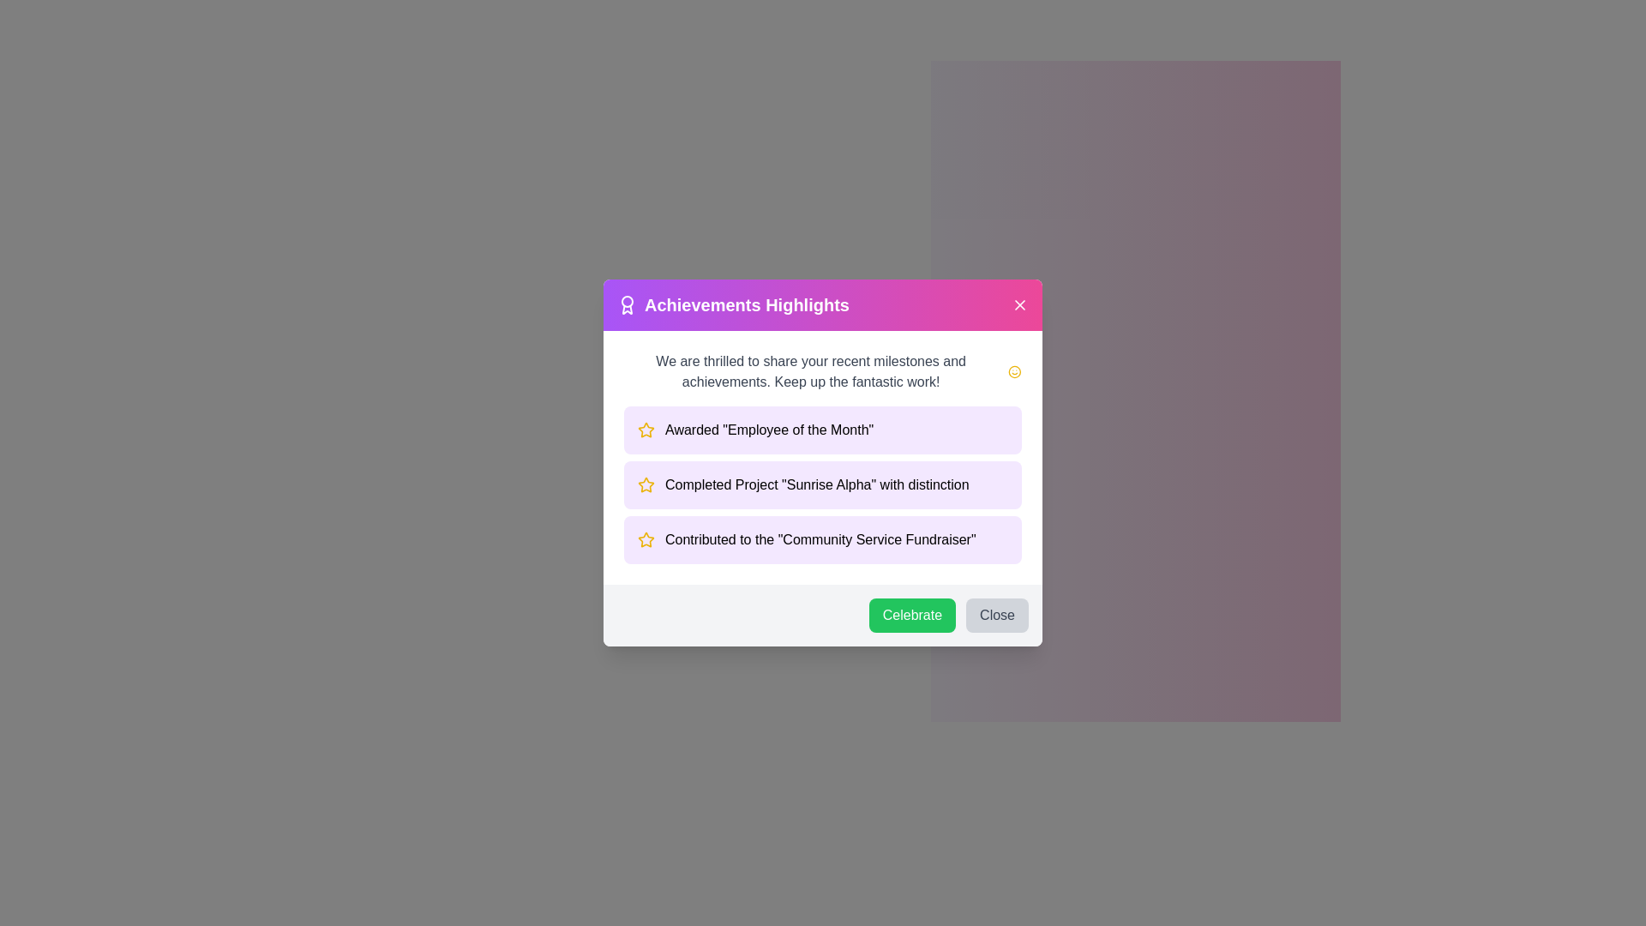  What do you see at coordinates (733, 304) in the screenshot?
I see `the title text block with a decorative icon that informs users about the purpose of the dialog displaying highlighted achievements` at bounding box center [733, 304].